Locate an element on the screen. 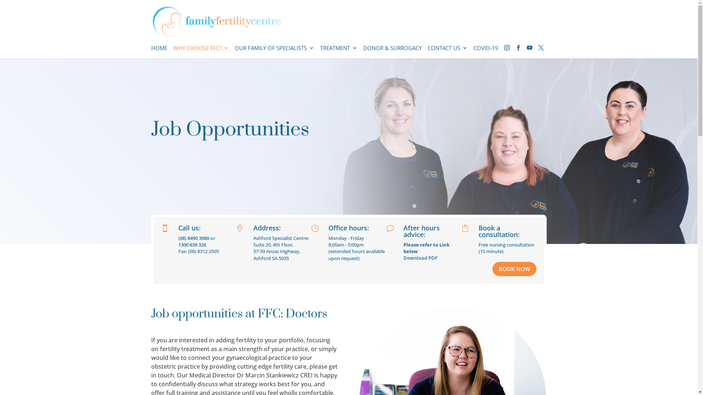 The width and height of the screenshot is (703, 395). 'BOOK NOW' is located at coordinates (492, 269).